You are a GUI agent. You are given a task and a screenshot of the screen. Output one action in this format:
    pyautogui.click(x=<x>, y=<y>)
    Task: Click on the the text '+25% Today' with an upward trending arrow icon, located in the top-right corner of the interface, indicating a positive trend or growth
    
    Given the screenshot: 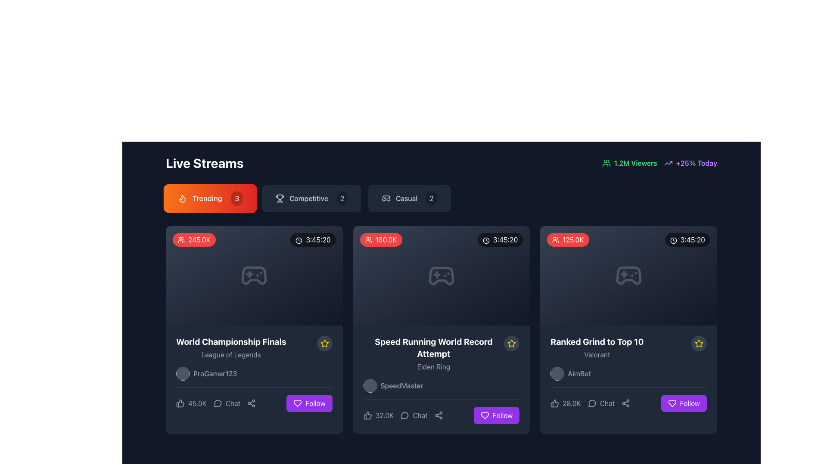 What is the action you would take?
    pyautogui.click(x=690, y=163)
    